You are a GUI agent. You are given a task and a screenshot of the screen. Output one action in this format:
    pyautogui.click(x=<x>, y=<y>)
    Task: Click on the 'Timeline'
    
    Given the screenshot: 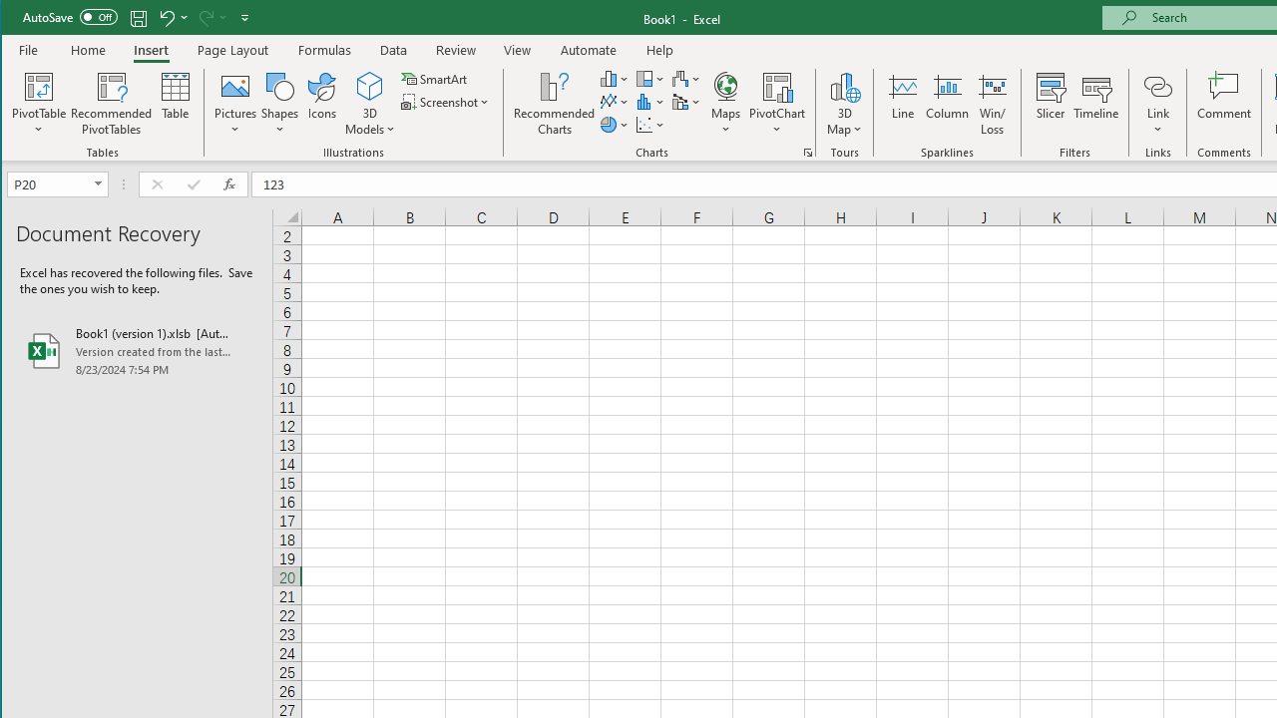 What is the action you would take?
    pyautogui.click(x=1094, y=104)
    